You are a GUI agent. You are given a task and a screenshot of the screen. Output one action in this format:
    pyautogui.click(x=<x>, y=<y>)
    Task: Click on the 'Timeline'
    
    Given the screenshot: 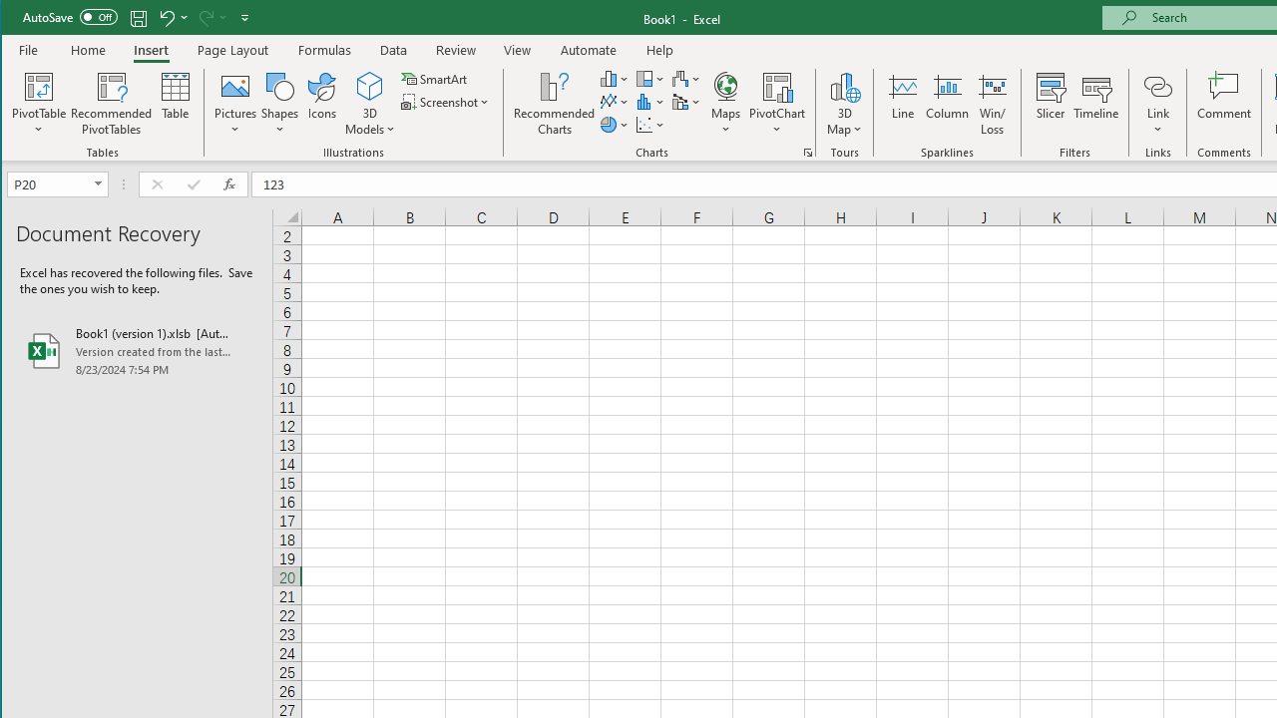 What is the action you would take?
    pyautogui.click(x=1094, y=104)
    